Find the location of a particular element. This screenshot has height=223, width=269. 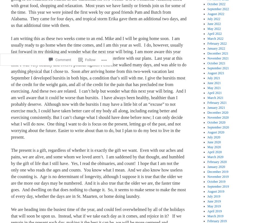

'September 2020' is located at coordinates (207, 127).